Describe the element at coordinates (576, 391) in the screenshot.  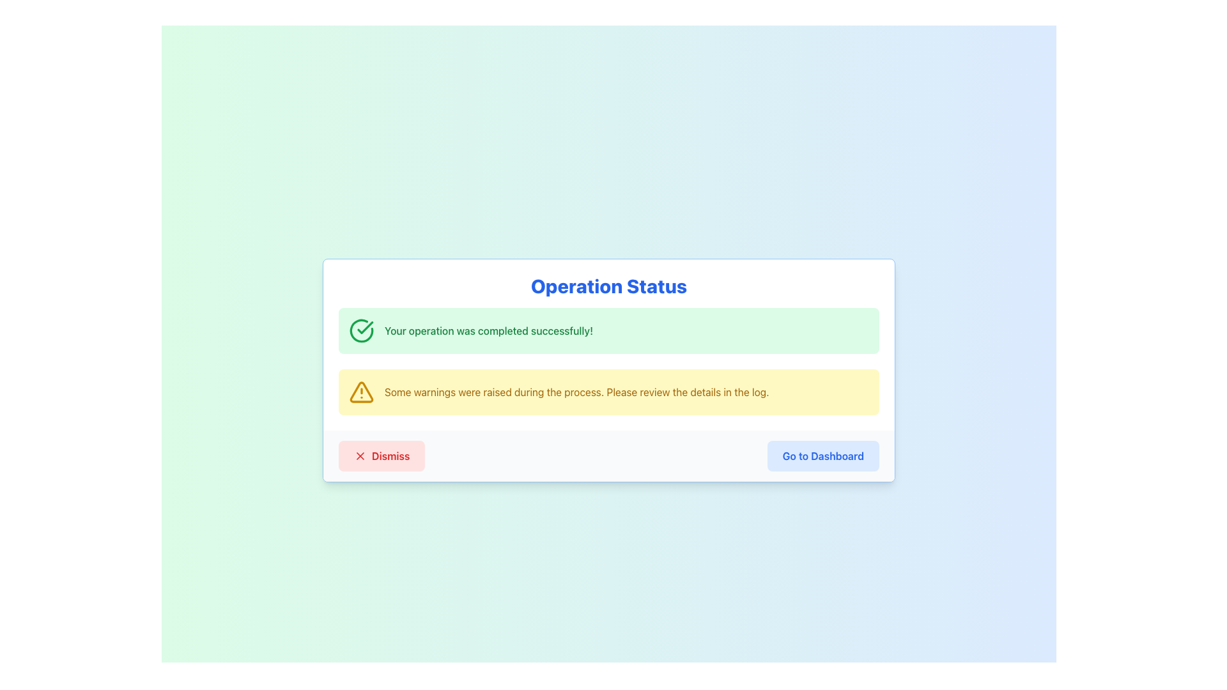
I see `static warning text displaying 'Some warnings were raised during the process. Please review the details in the log.' which is styled in yellow on a yellow background, located to the right of the warning triangle icon` at that location.